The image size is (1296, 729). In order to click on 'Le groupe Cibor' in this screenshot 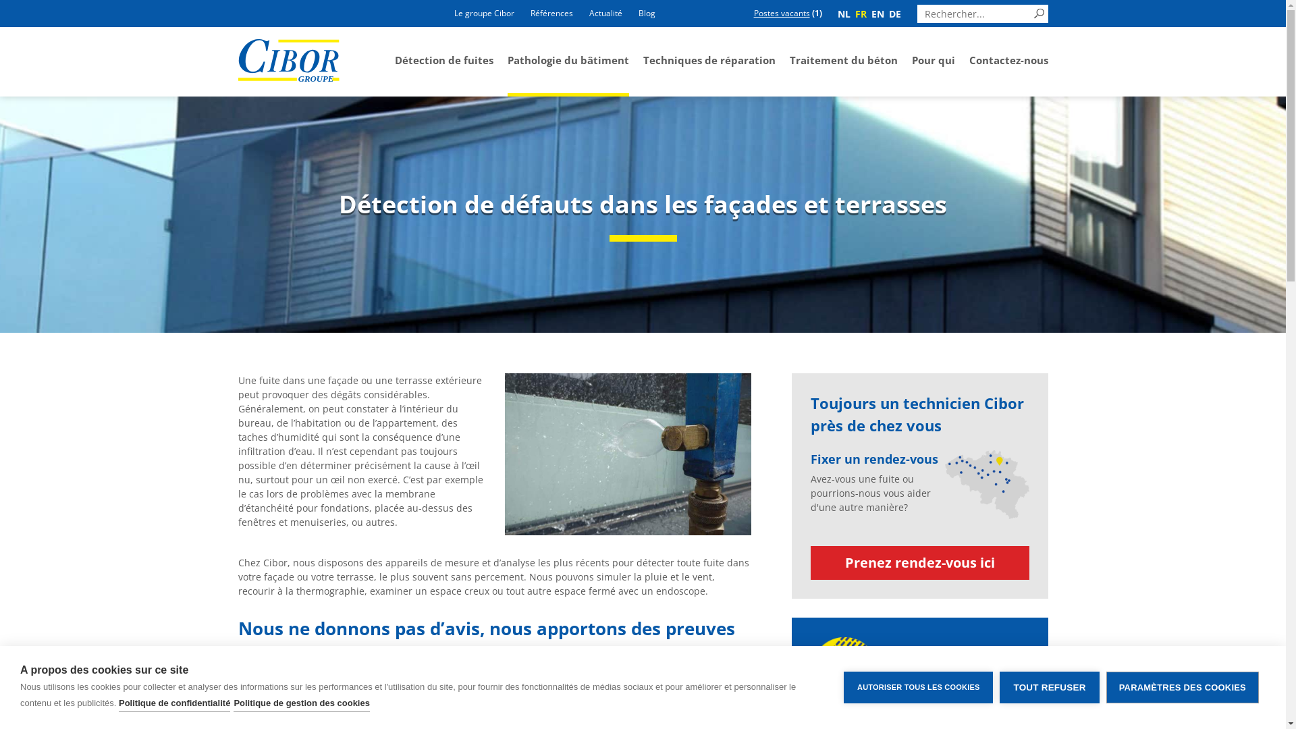, I will do `click(484, 13)`.